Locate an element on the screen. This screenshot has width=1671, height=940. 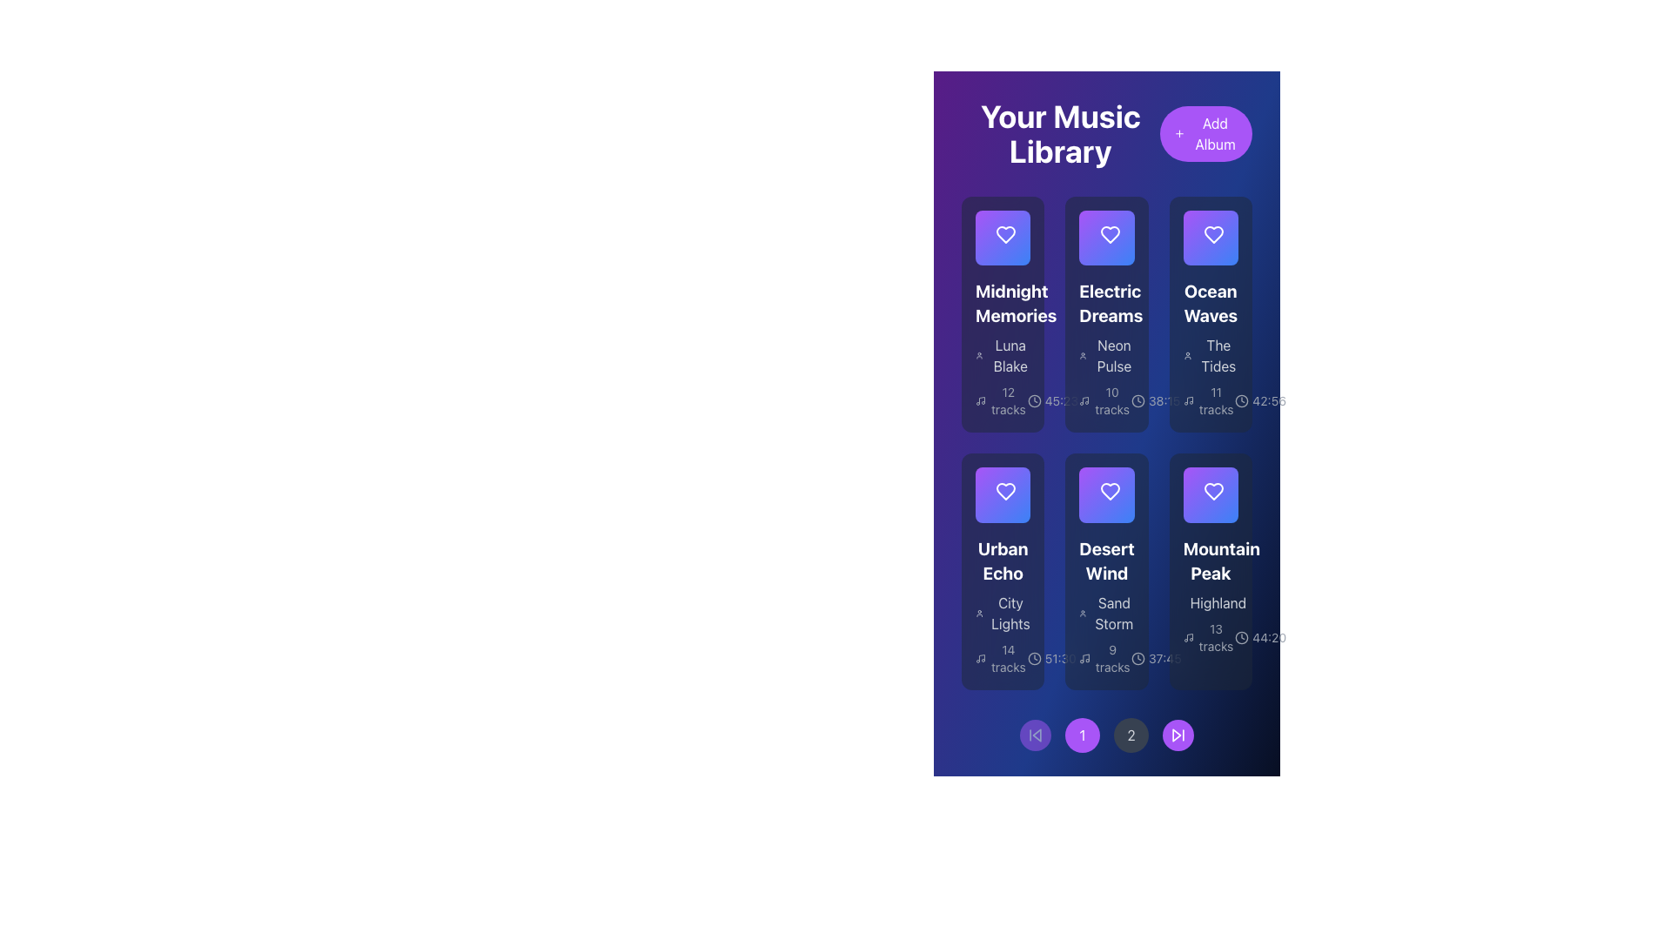
the clock icon that indicates the duration of the associated track in the music library interface, located in the bottom row of the second column is located at coordinates (1138, 658).